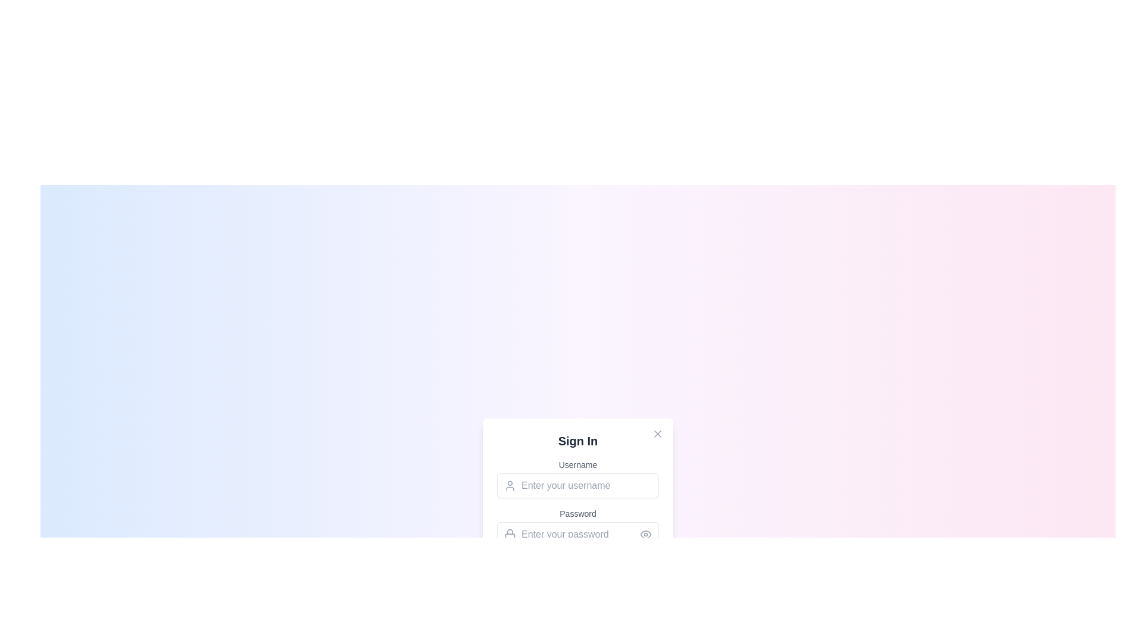 The width and height of the screenshot is (1143, 643). What do you see at coordinates (577, 464) in the screenshot?
I see `the label for the username input field in the 'Sign In' modal, which is centrally positioned above the username text box` at bounding box center [577, 464].